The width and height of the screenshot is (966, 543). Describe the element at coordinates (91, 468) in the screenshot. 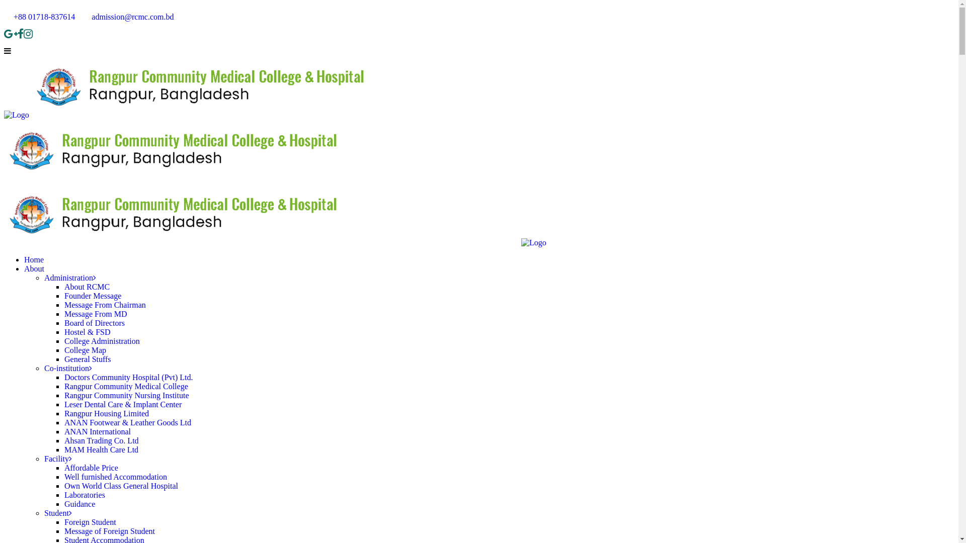

I see `'Affordable Price'` at that location.